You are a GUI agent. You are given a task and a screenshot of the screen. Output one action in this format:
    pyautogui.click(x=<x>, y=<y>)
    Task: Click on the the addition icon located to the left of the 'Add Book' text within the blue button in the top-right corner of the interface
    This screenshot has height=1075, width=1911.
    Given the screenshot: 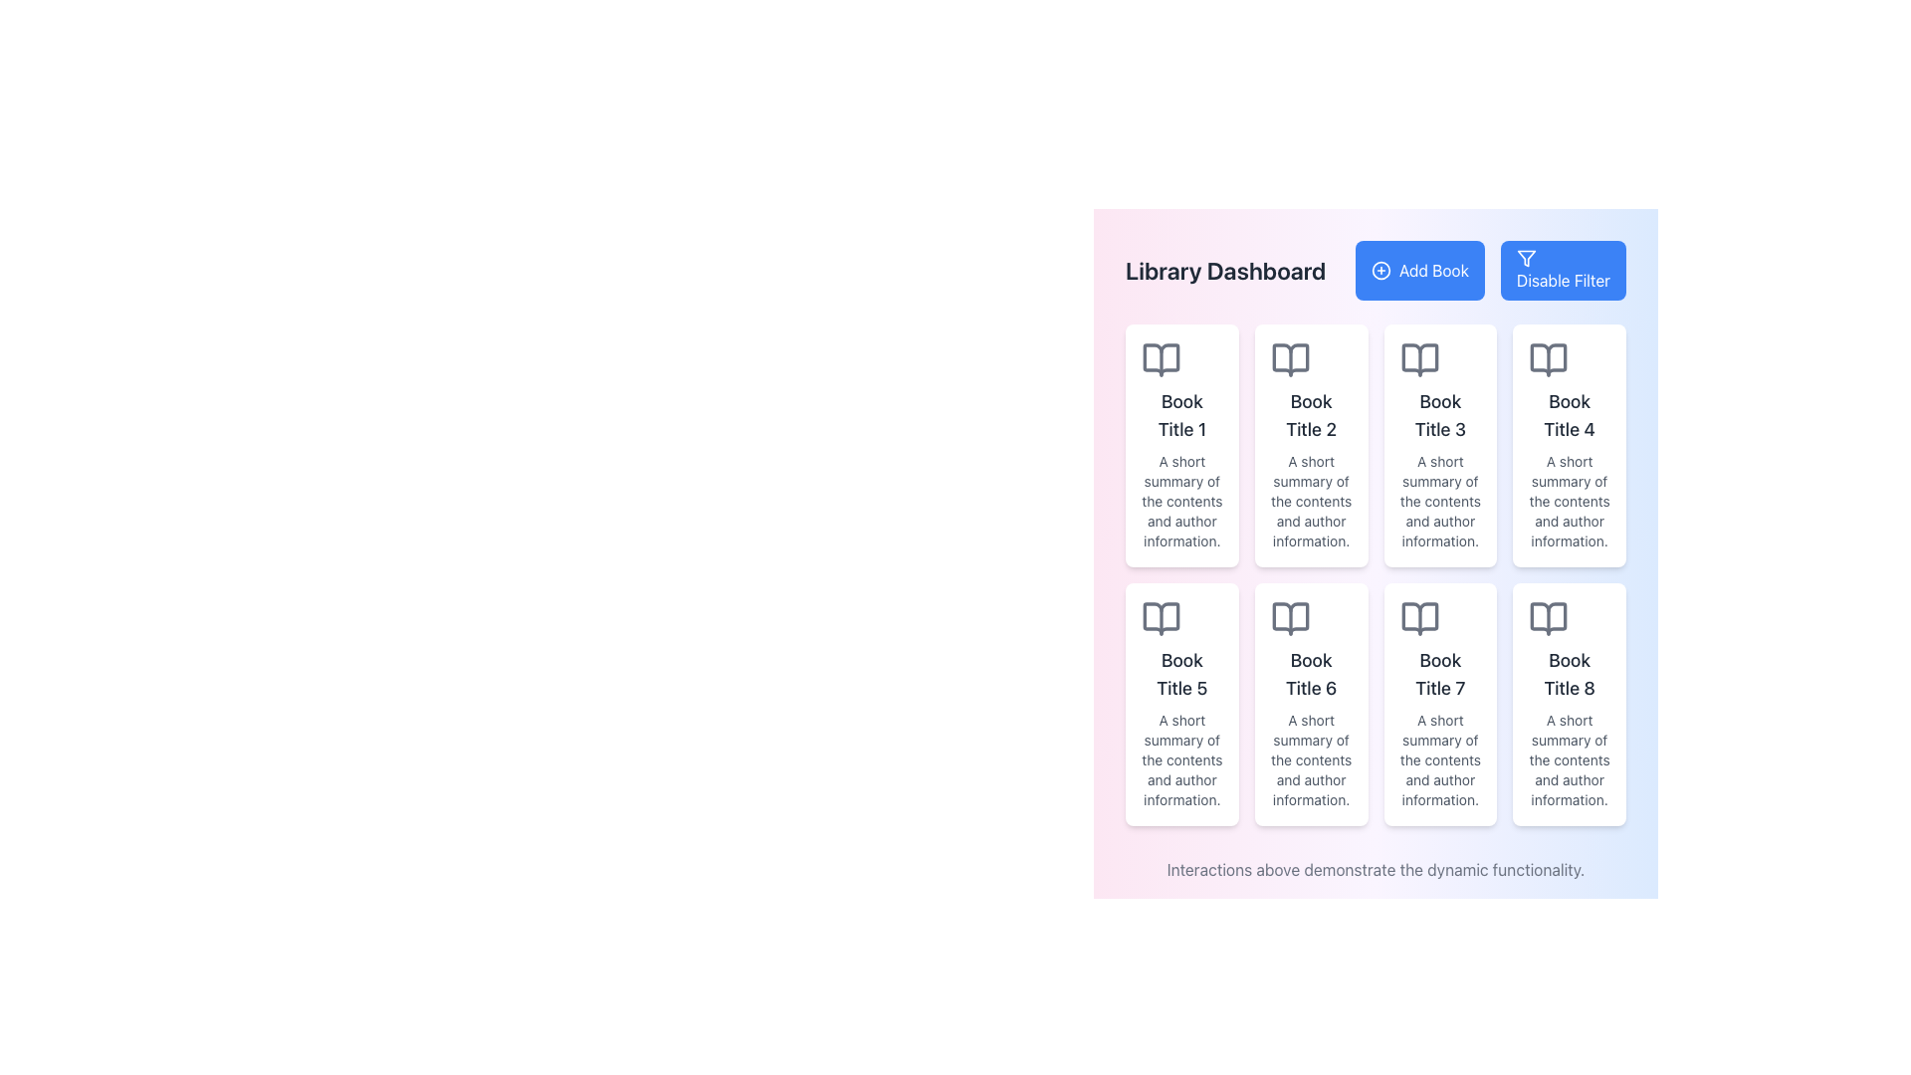 What is the action you would take?
    pyautogui.click(x=1380, y=271)
    